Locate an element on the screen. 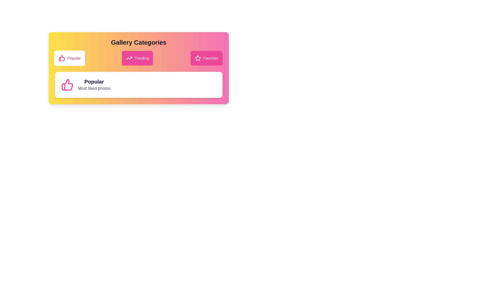 This screenshot has width=502, height=282. text label displaying 'Popular' which is bold and prominently positioned above the subtitle 'Most liked photos' is located at coordinates (94, 81).